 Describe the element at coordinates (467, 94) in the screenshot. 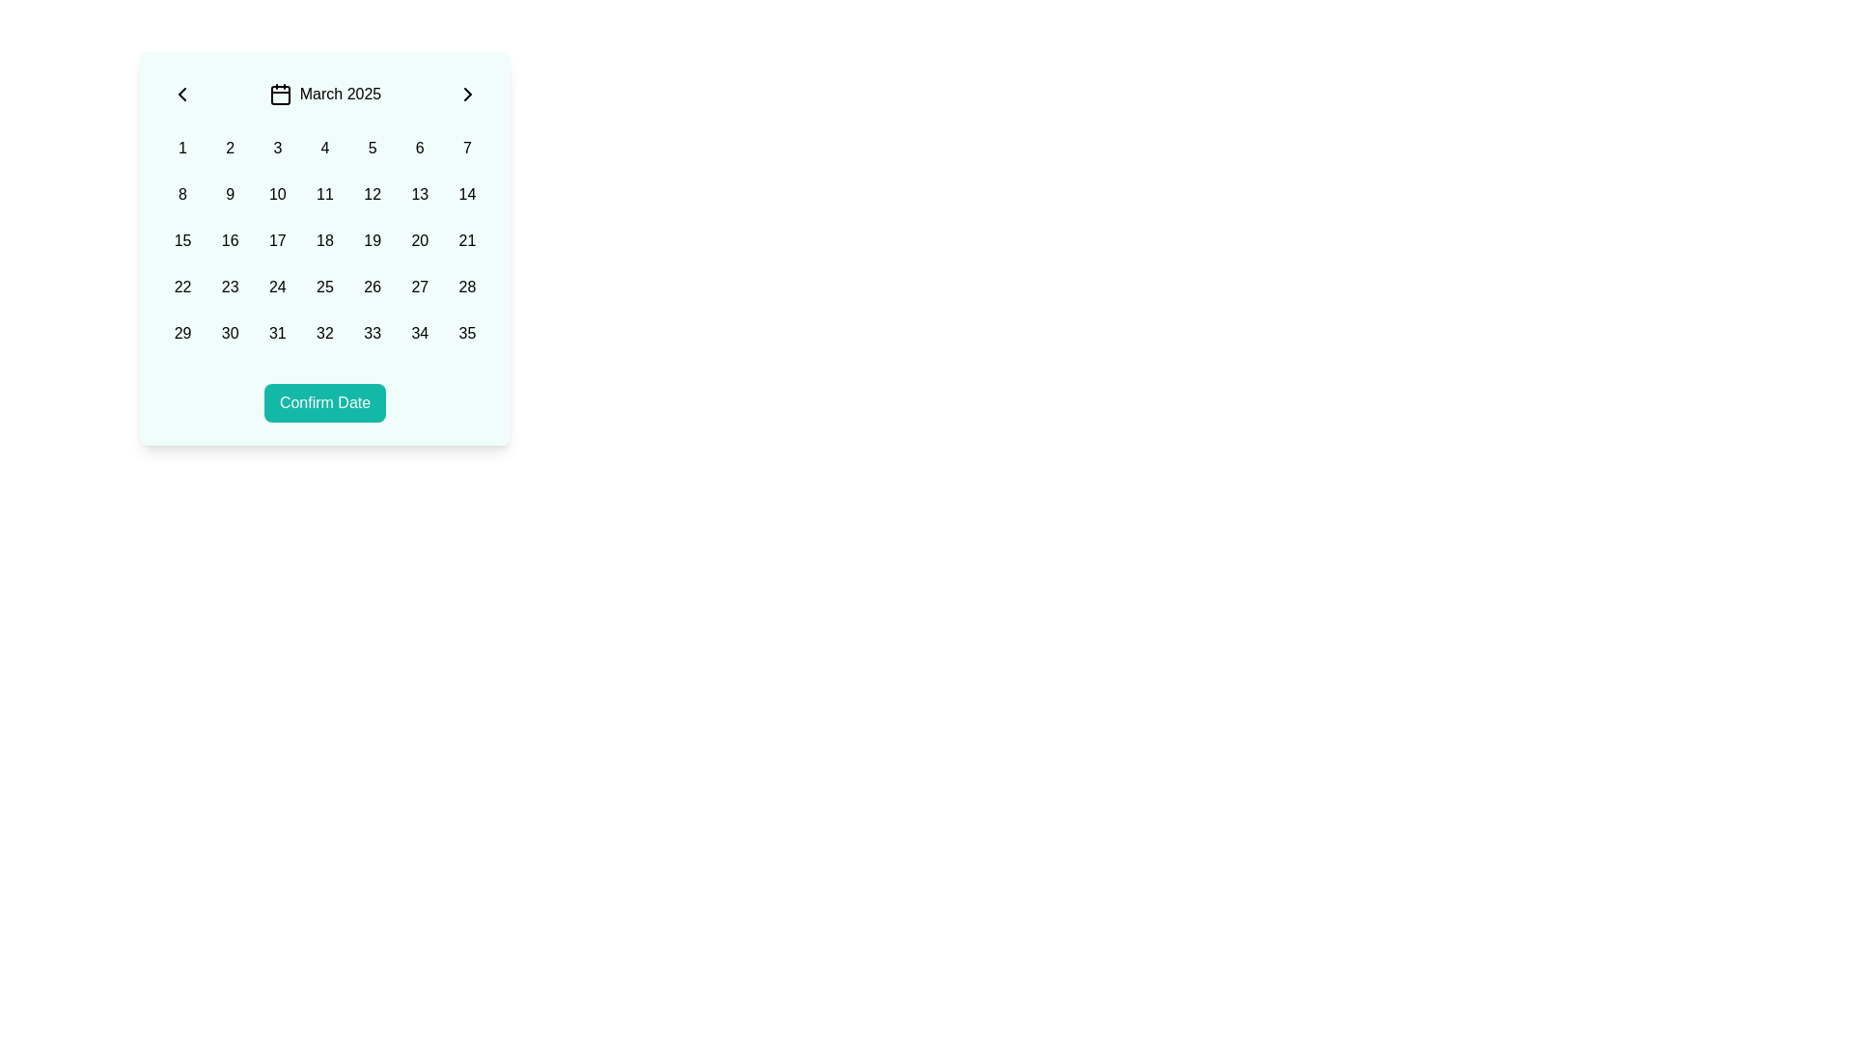

I see `the right-facing chevron arrow icon located in the top-right corner of the calendar interface` at that location.